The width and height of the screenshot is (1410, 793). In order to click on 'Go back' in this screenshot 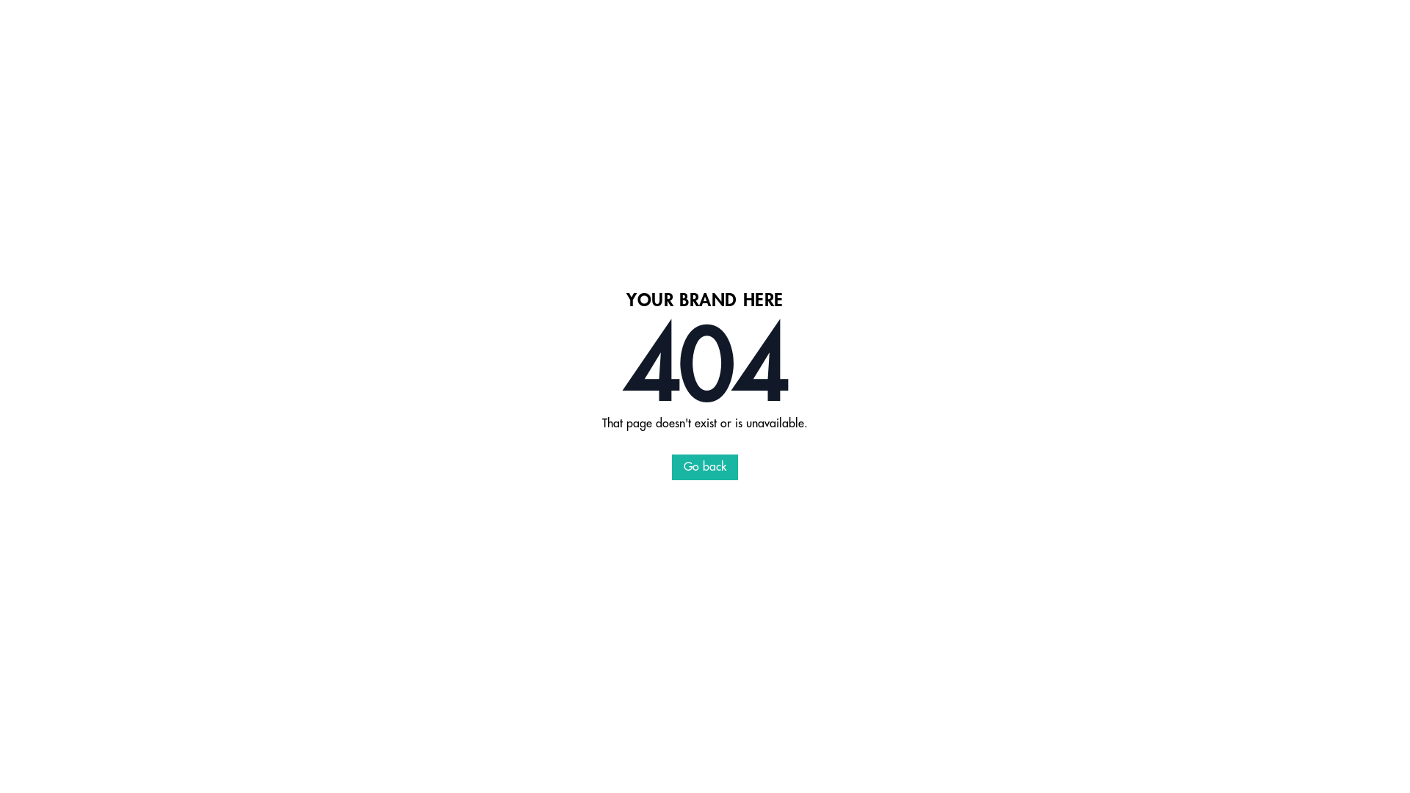, I will do `click(705, 467)`.